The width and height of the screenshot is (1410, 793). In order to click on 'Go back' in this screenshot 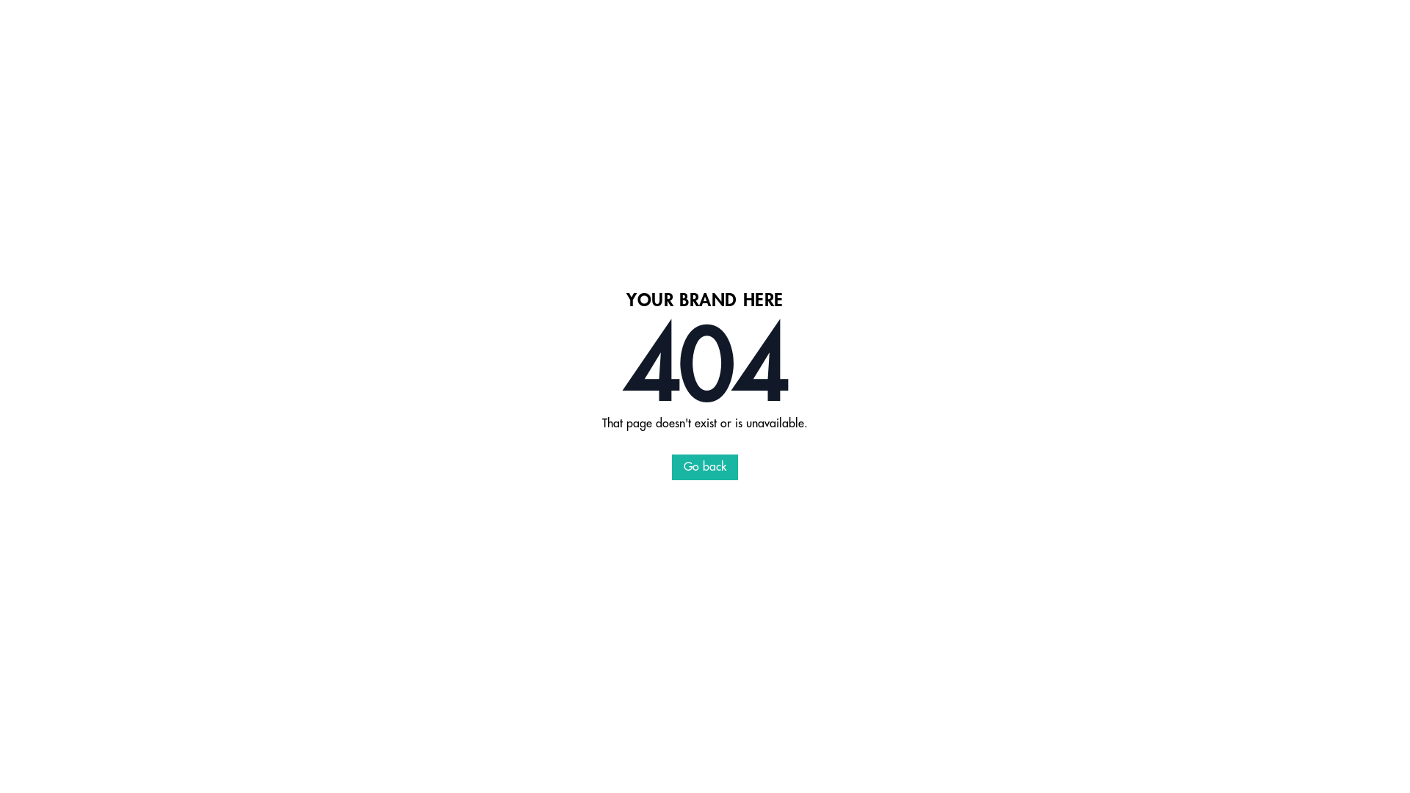, I will do `click(705, 467)`.